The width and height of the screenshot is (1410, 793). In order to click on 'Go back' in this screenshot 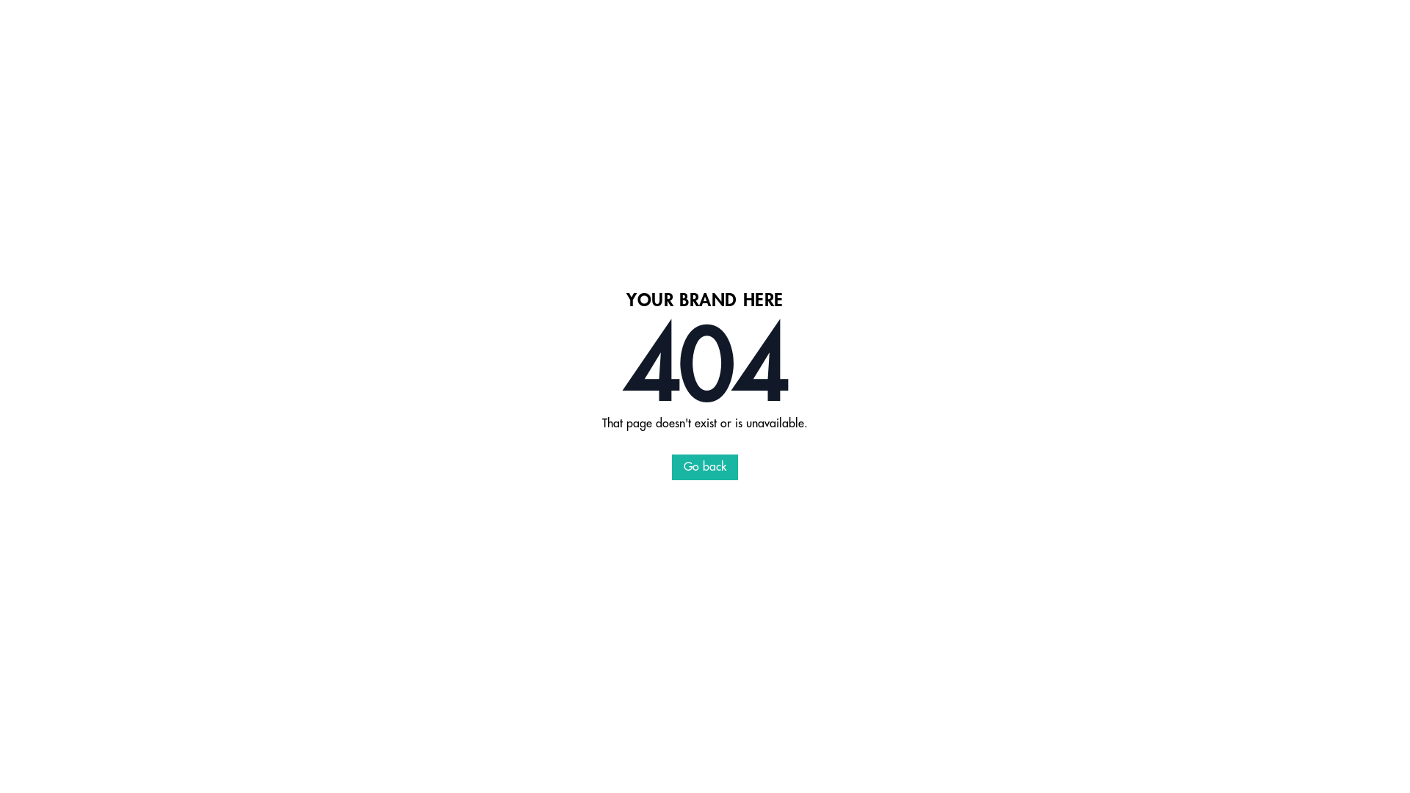, I will do `click(705, 467)`.